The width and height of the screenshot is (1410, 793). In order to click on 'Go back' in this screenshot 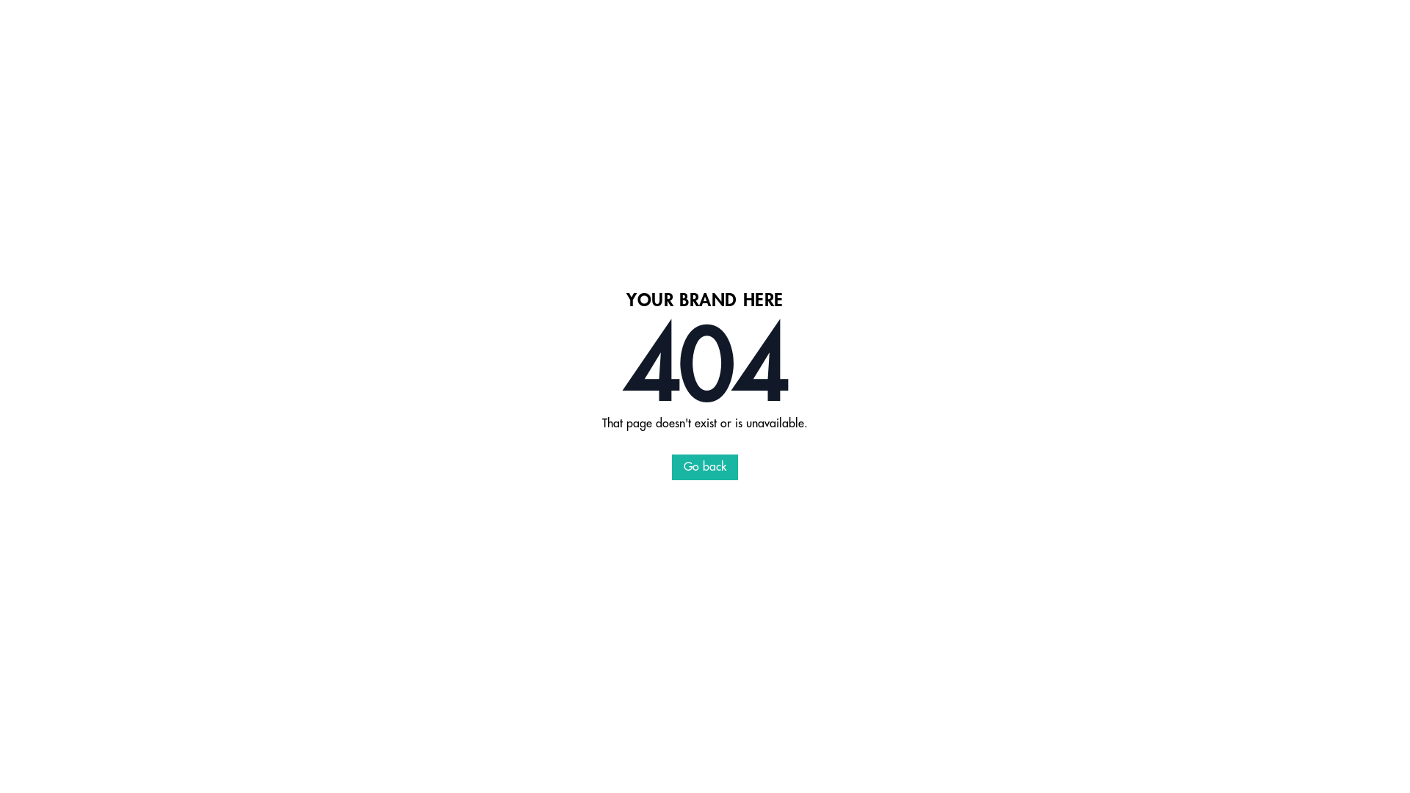, I will do `click(705, 467)`.